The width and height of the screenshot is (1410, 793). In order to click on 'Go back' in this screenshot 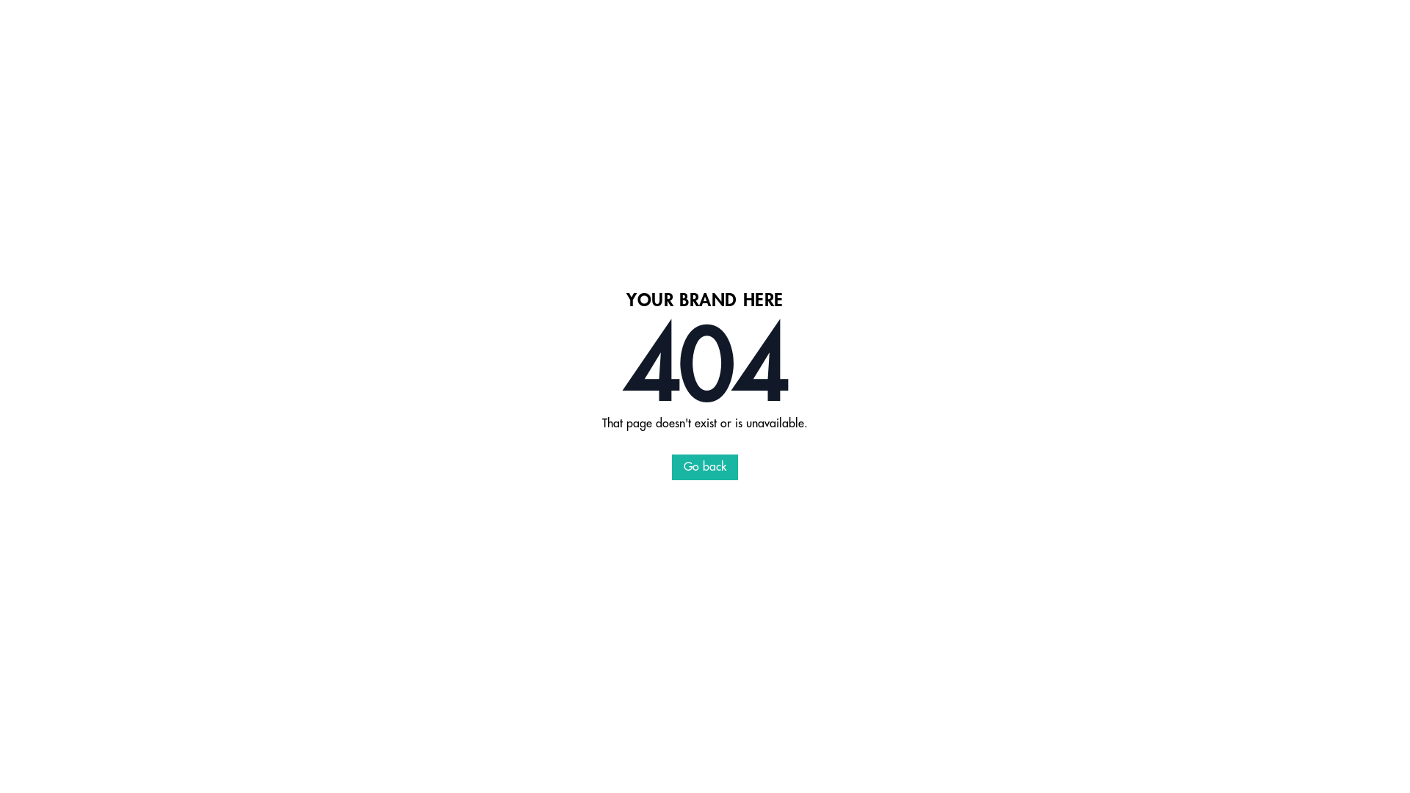, I will do `click(705, 467)`.